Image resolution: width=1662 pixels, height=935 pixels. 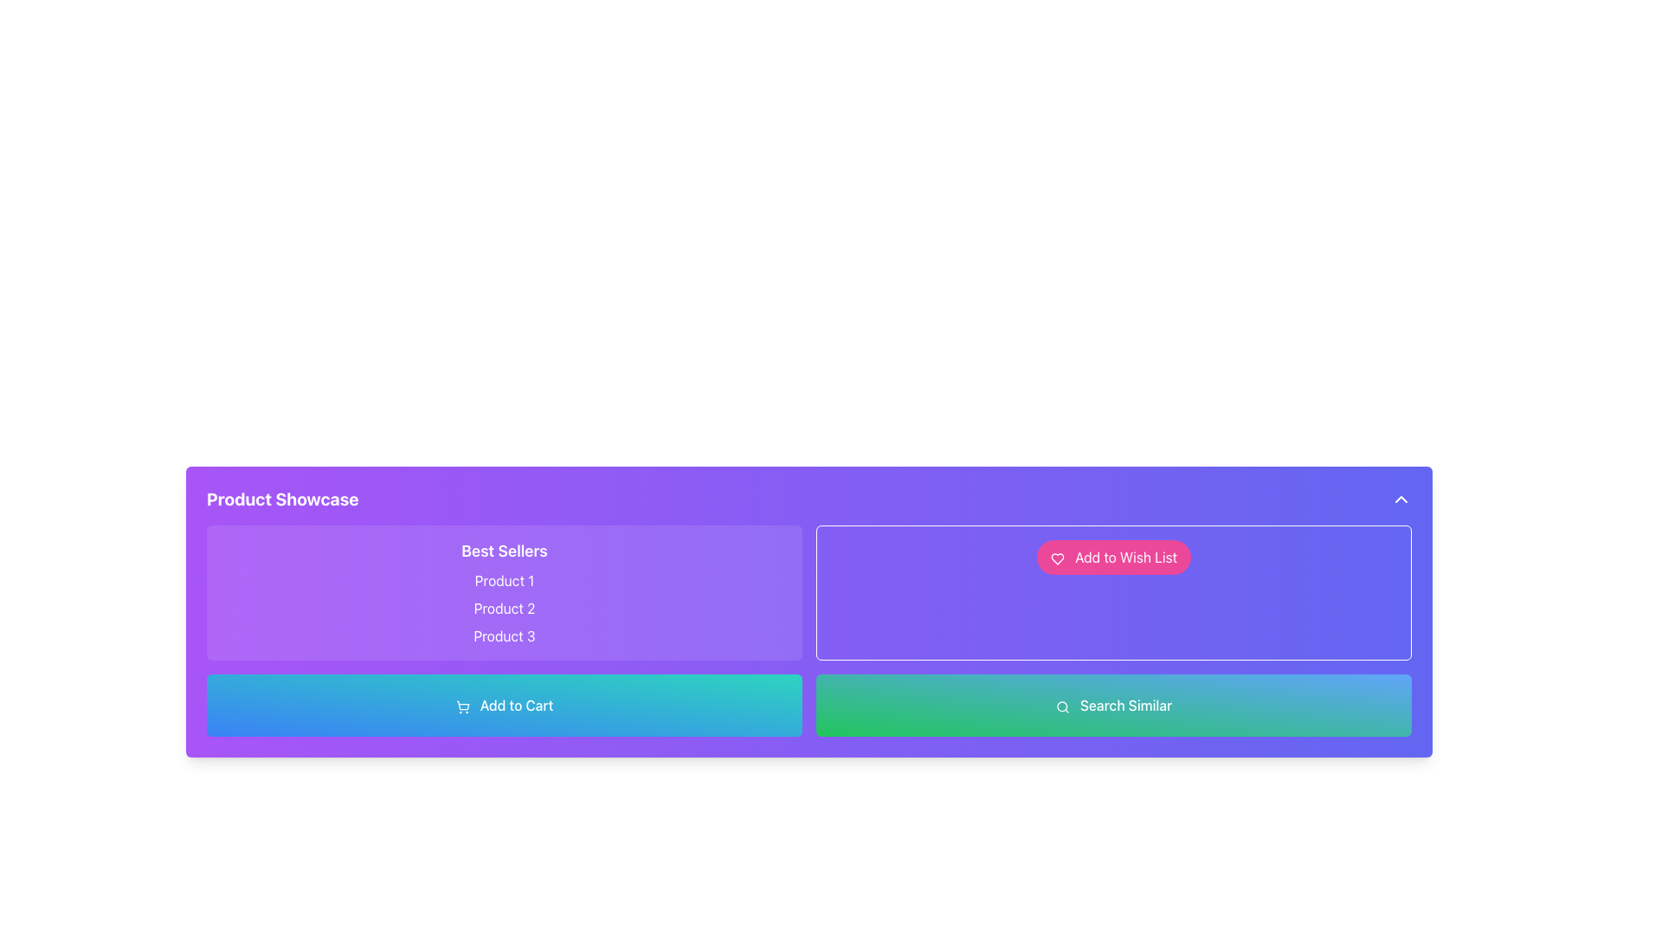 What do you see at coordinates (503, 636) in the screenshot?
I see `the 'Product 3' text label in the 'Best Sellers' list` at bounding box center [503, 636].